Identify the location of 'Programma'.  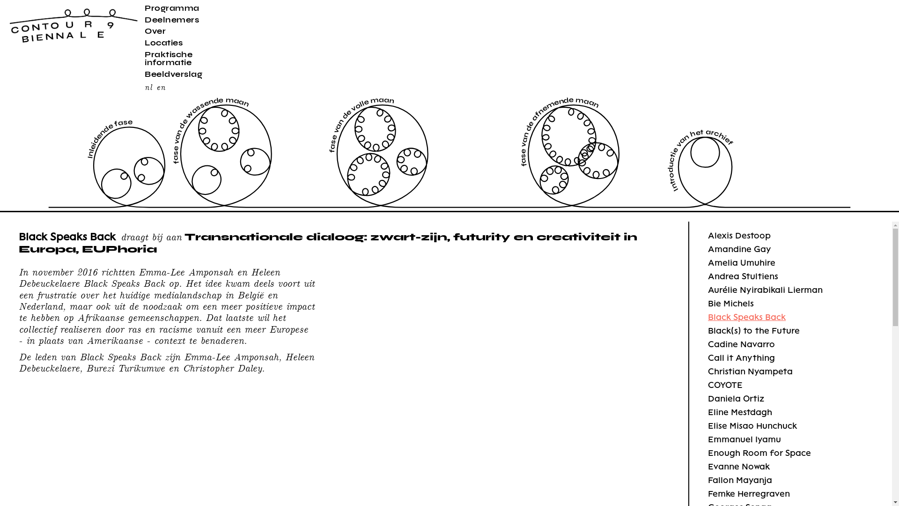
(172, 7).